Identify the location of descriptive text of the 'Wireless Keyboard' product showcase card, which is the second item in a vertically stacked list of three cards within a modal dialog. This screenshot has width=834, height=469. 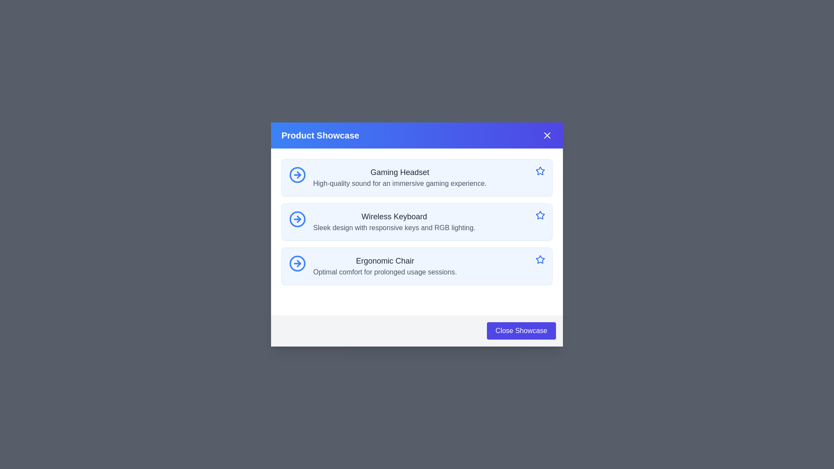
(417, 234).